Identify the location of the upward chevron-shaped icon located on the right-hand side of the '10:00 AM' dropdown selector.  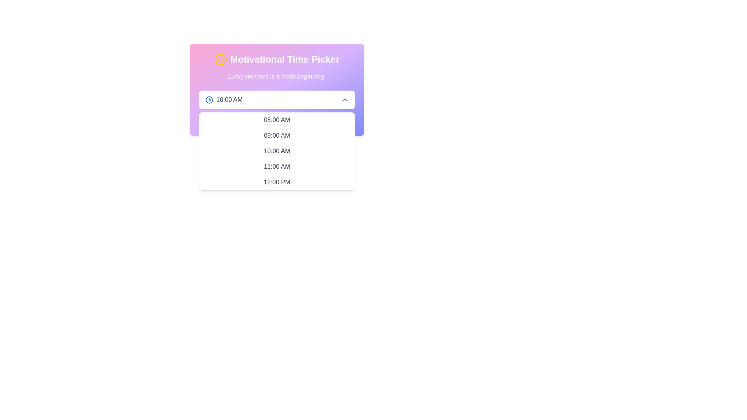
(344, 100).